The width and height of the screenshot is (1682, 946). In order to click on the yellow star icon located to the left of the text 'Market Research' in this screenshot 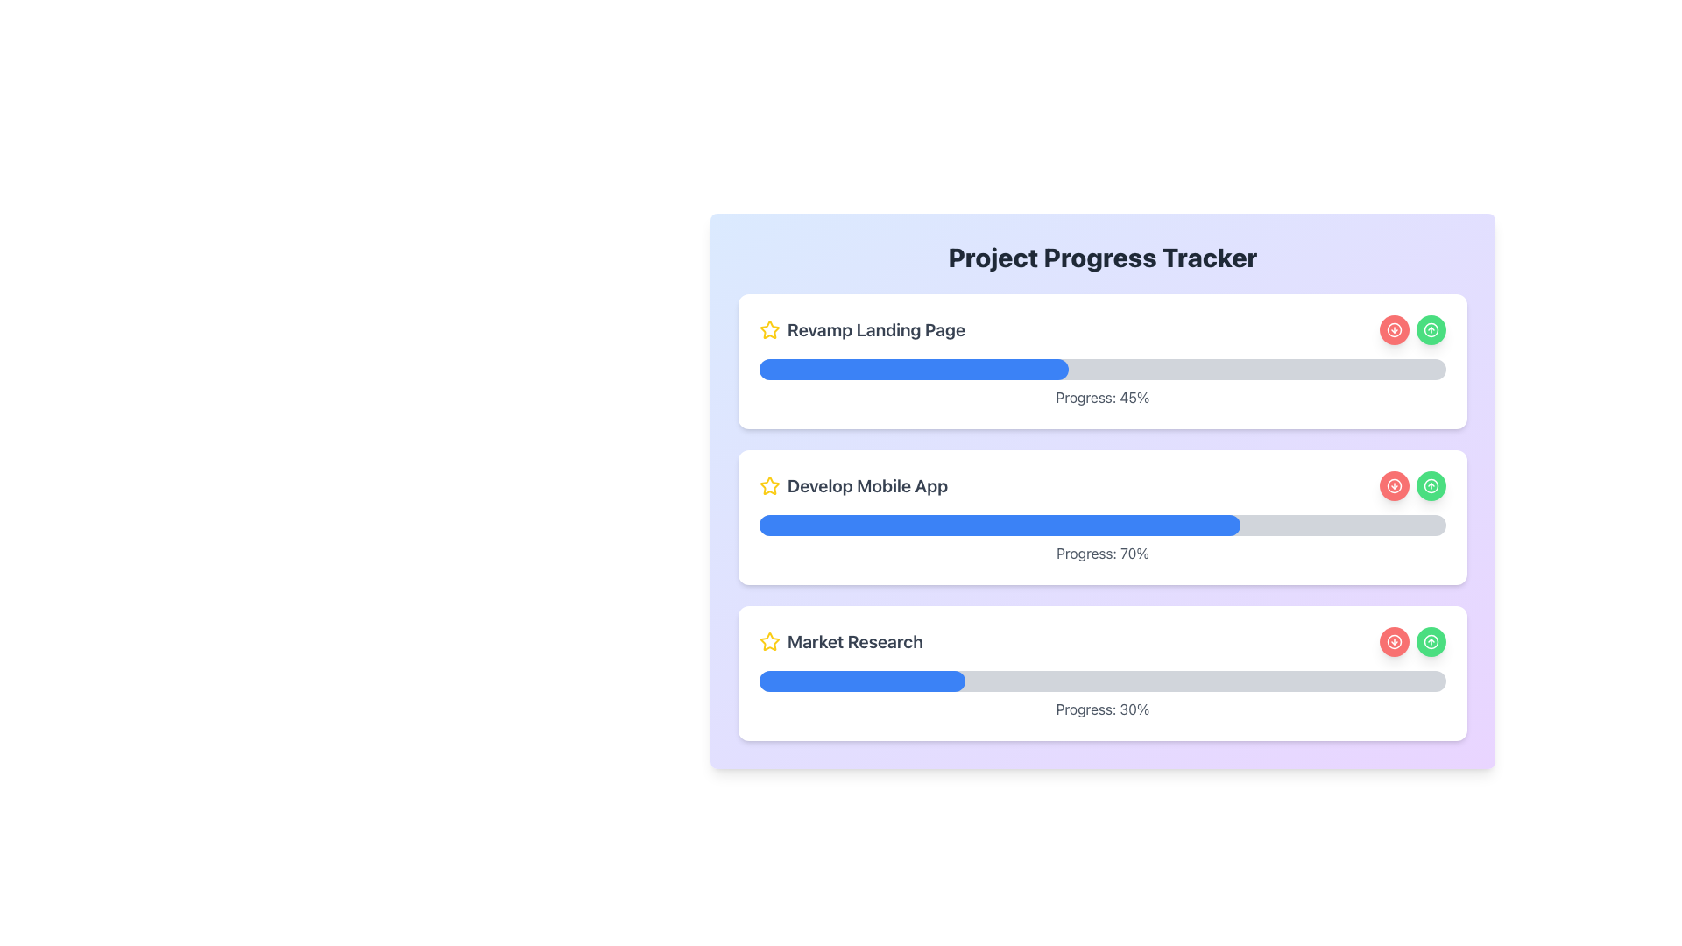, I will do `click(769, 485)`.